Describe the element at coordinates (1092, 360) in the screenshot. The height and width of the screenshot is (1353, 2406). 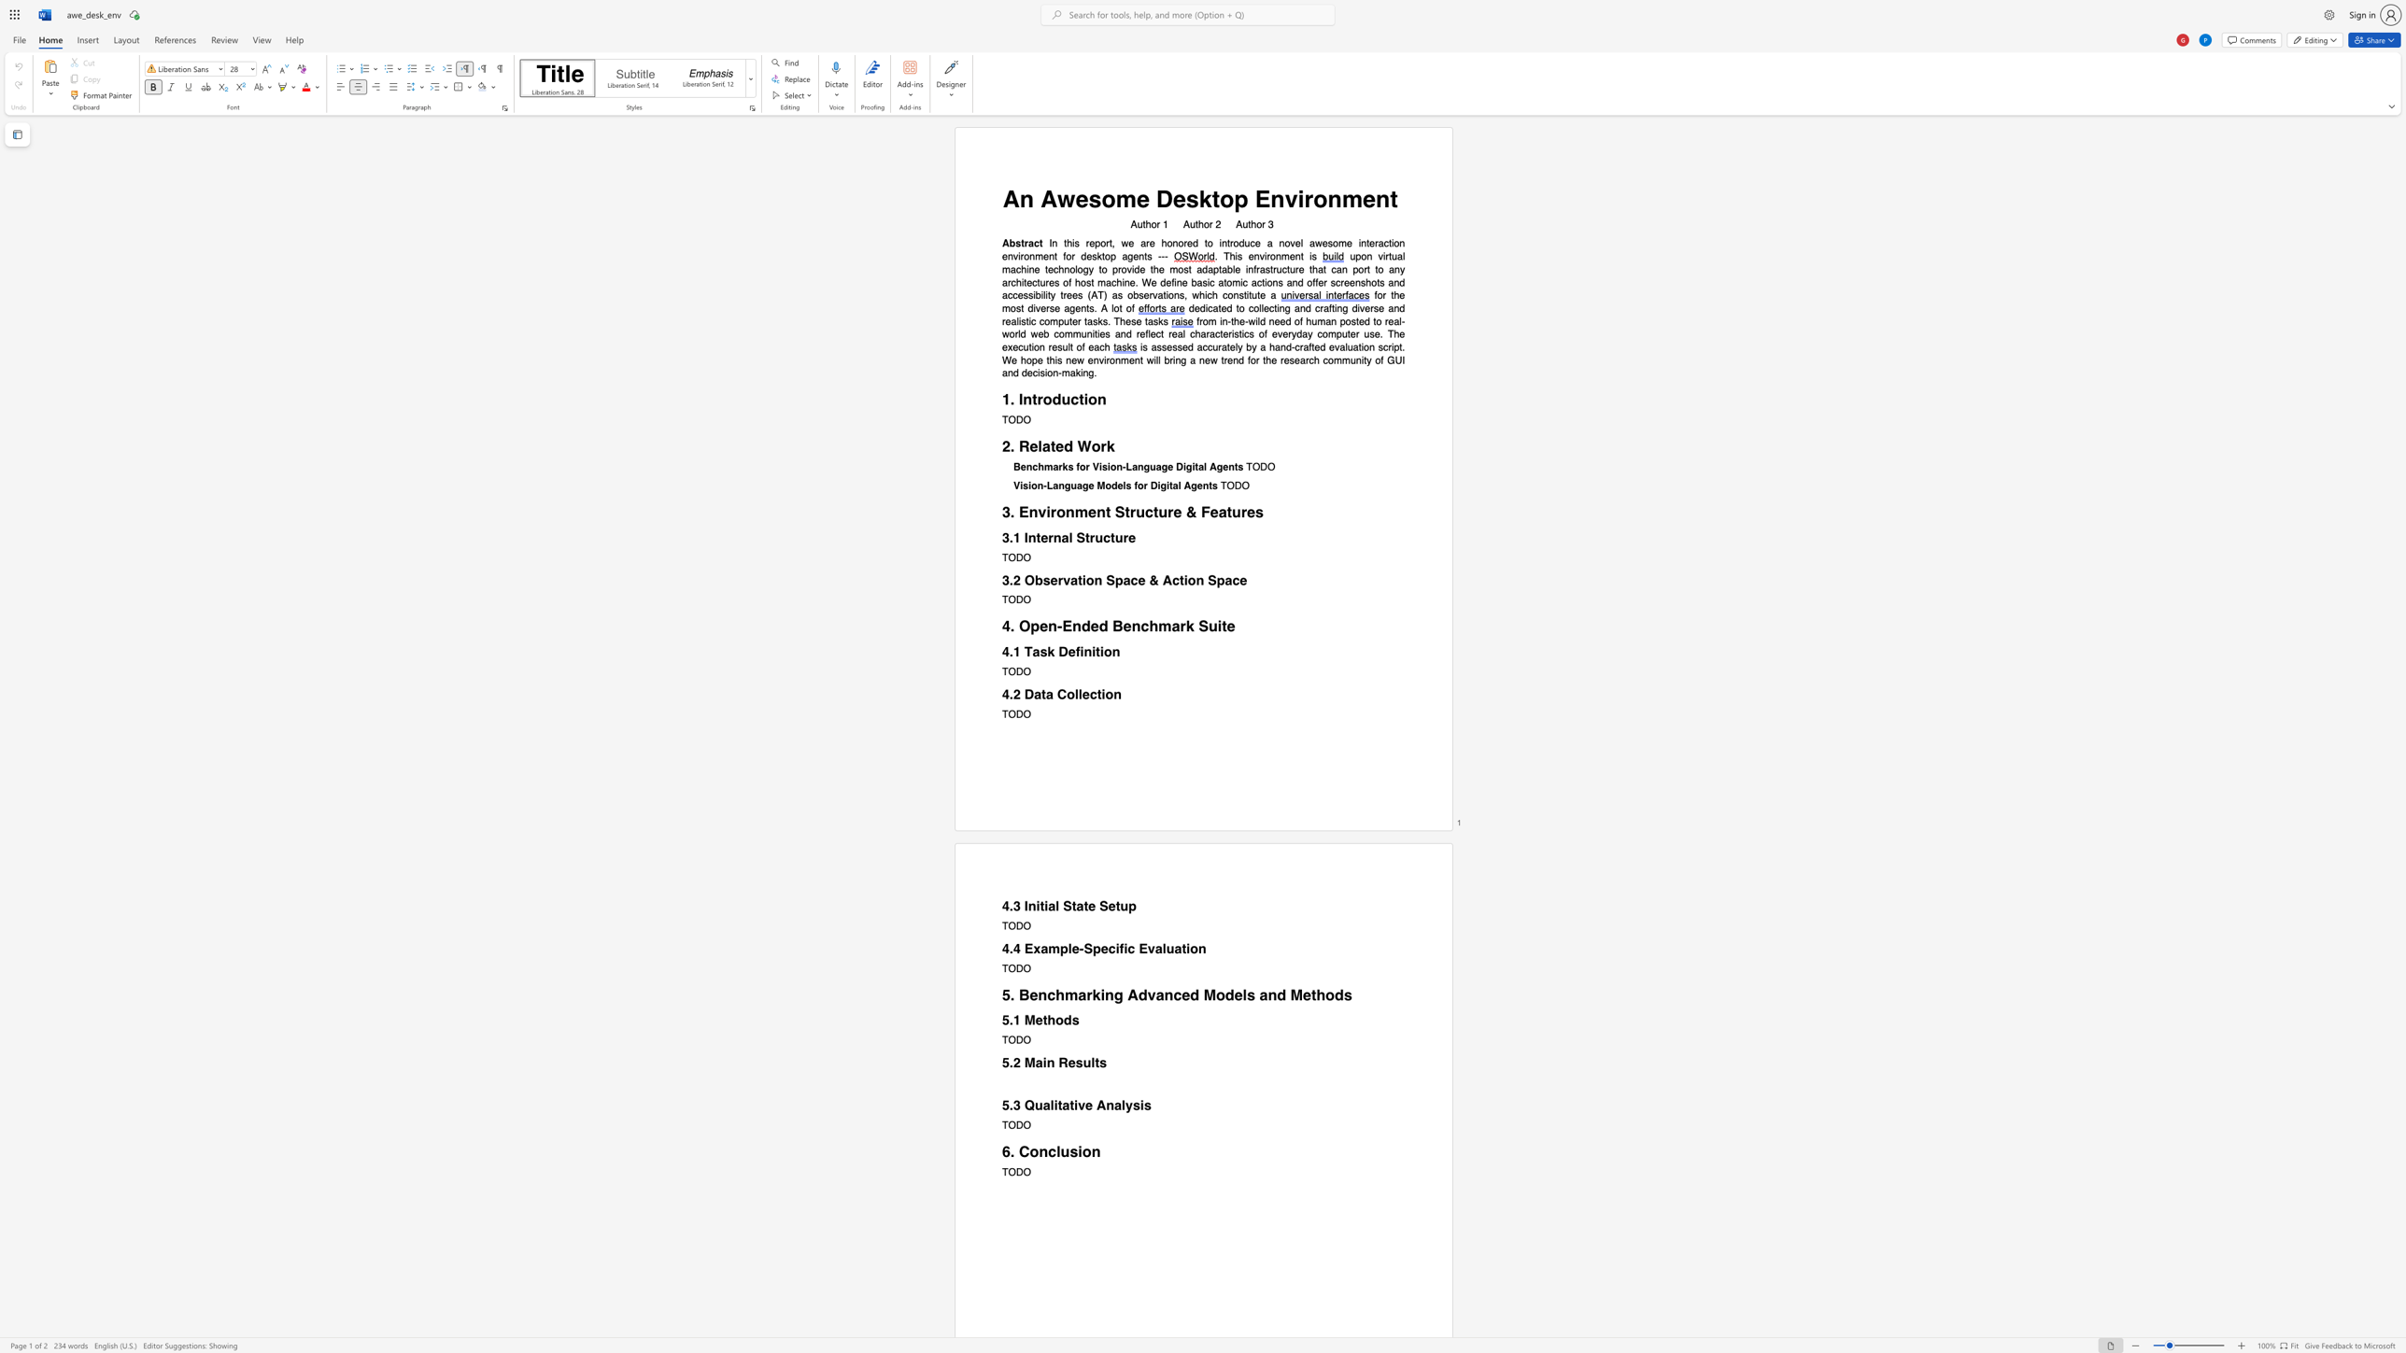
I see `the subset text "nviro" within the text "new environment"` at that location.